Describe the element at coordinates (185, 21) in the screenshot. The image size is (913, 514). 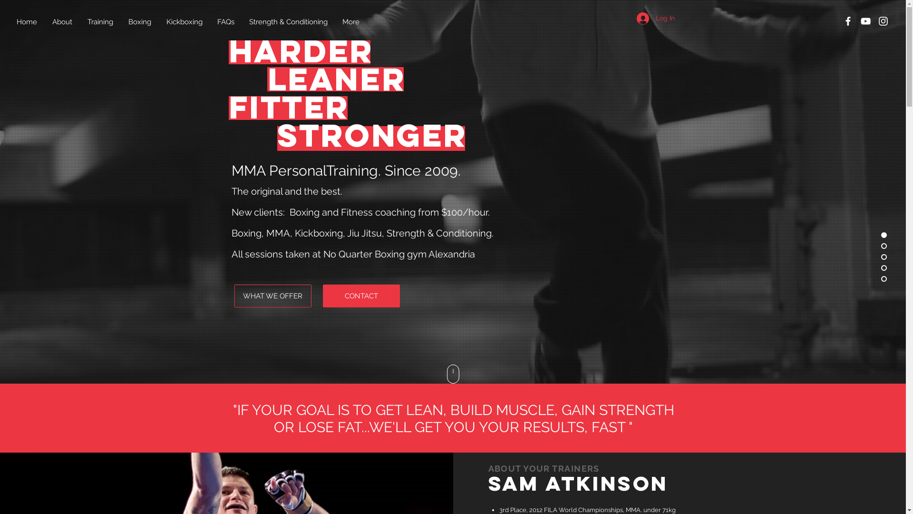
I see `'Kickboxing'` at that location.